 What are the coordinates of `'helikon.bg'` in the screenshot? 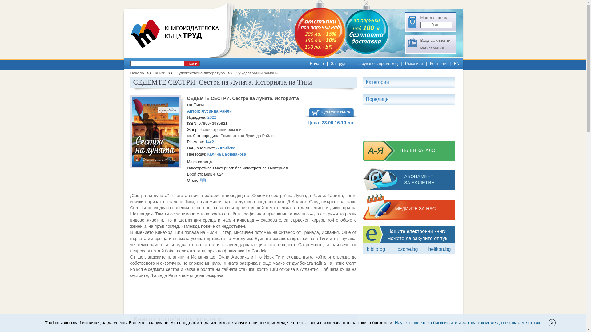 It's located at (439, 249).